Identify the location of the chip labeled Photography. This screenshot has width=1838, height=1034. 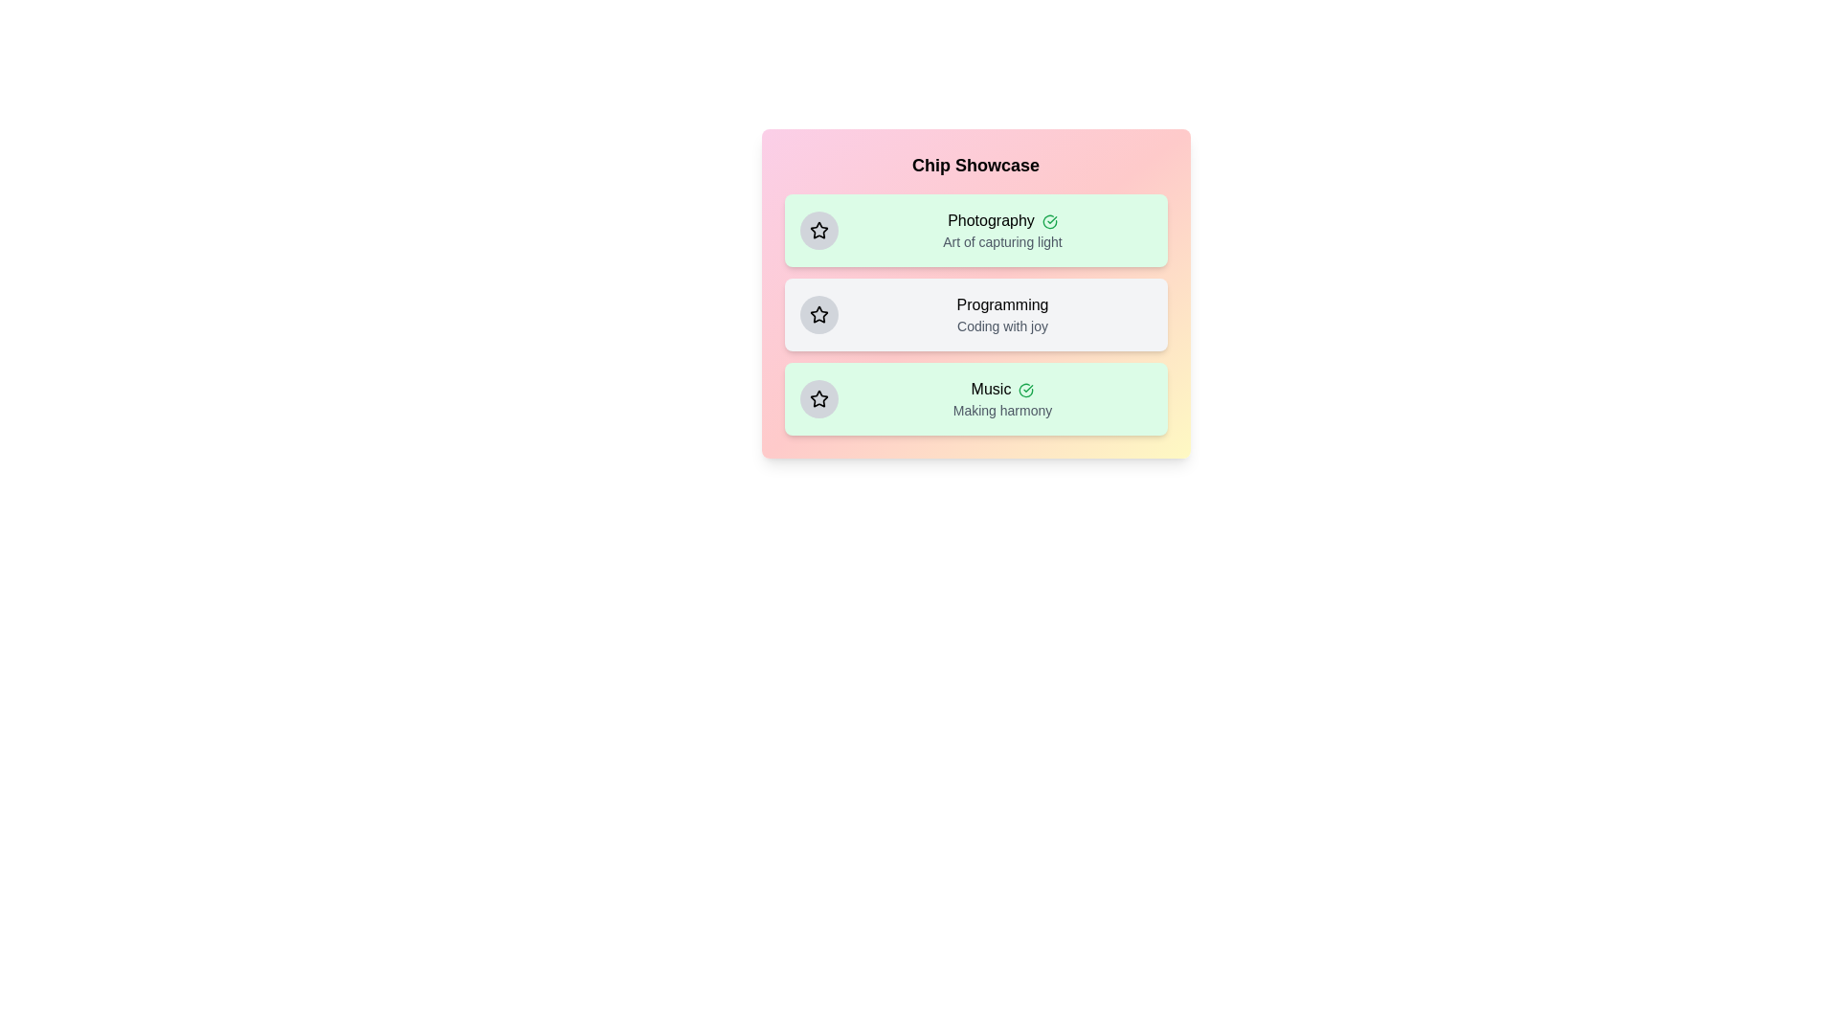
(975, 229).